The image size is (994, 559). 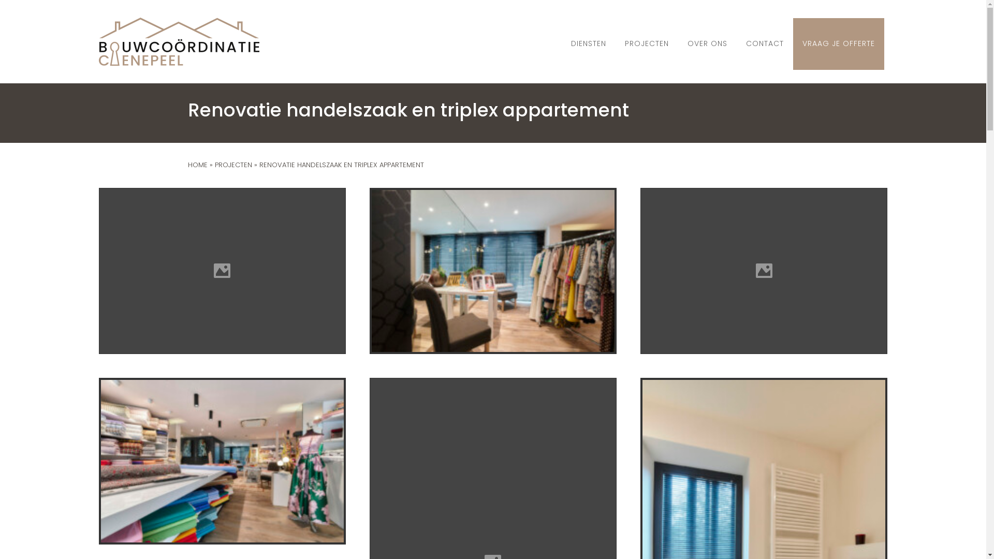 I want to click on 'VRAAG JE OFFERTE', so click(x=798, y=43).